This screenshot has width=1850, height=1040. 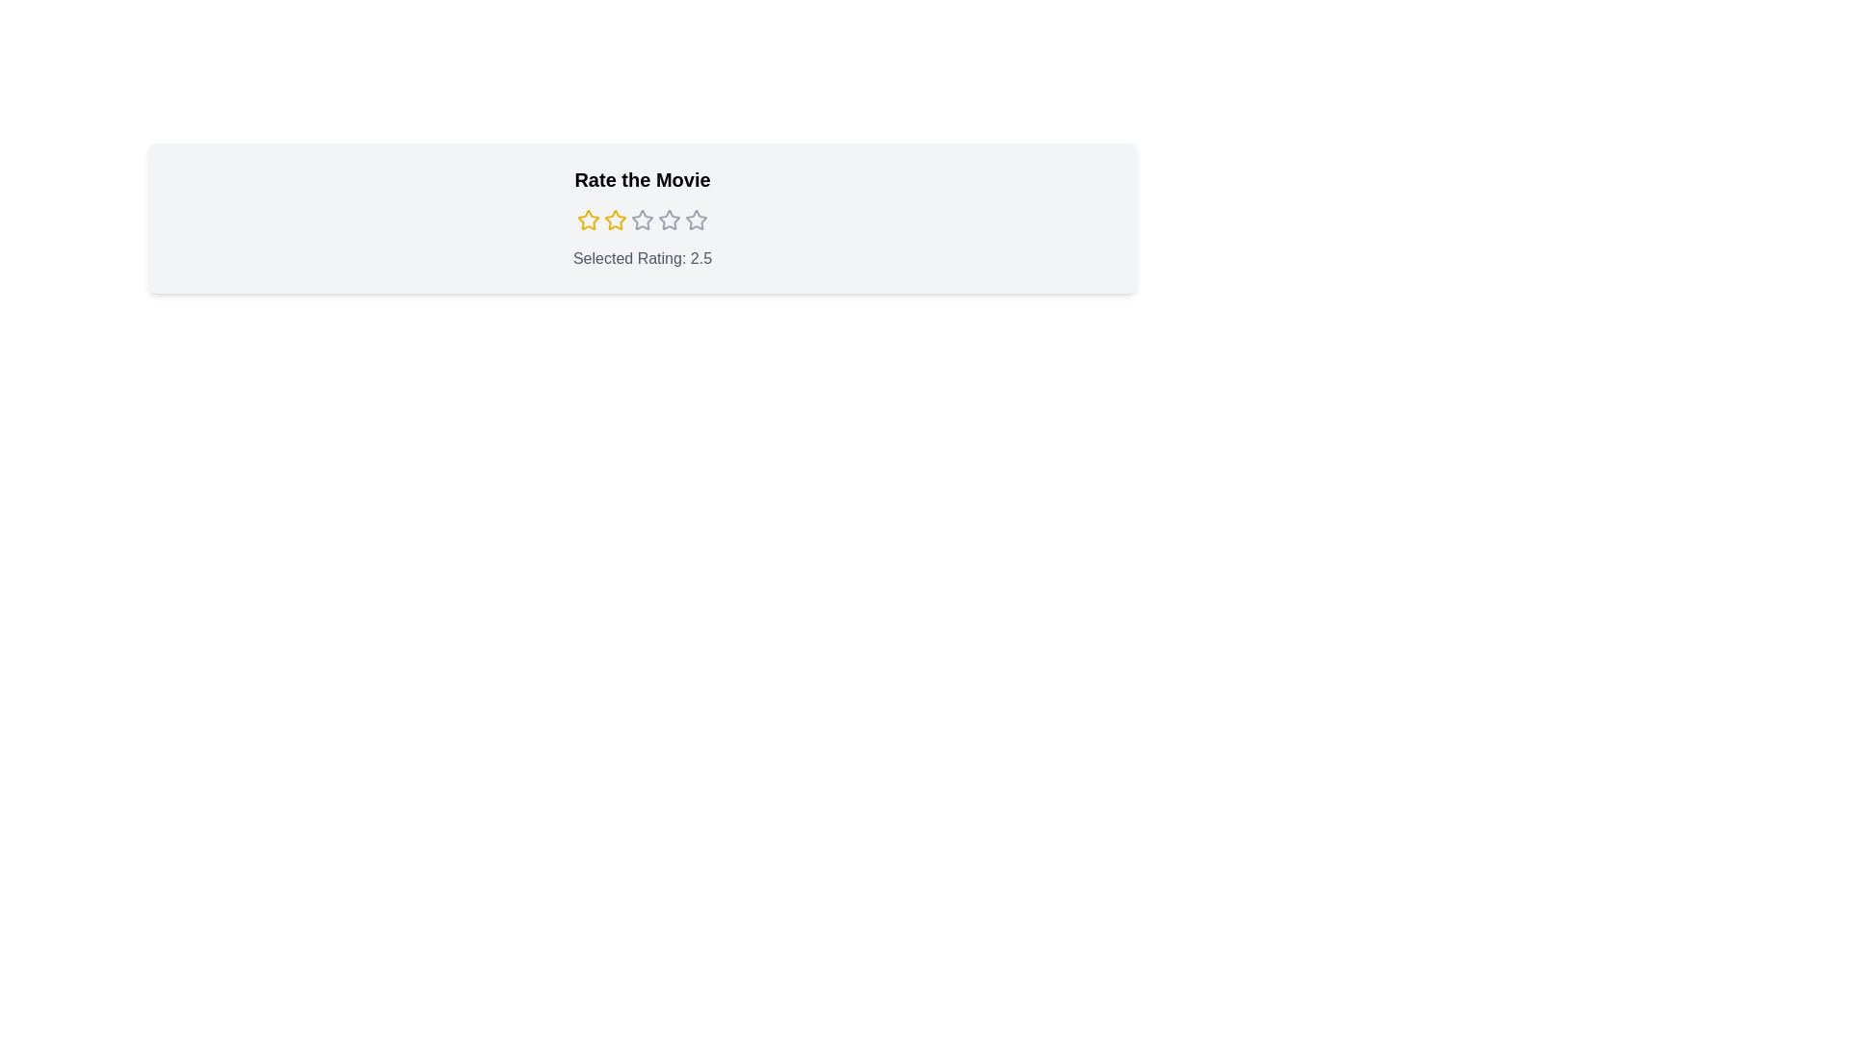 What do you see at coordinates (587, 219) in the screenshot?
I see `the first star button` at bounding box center [587, 219].